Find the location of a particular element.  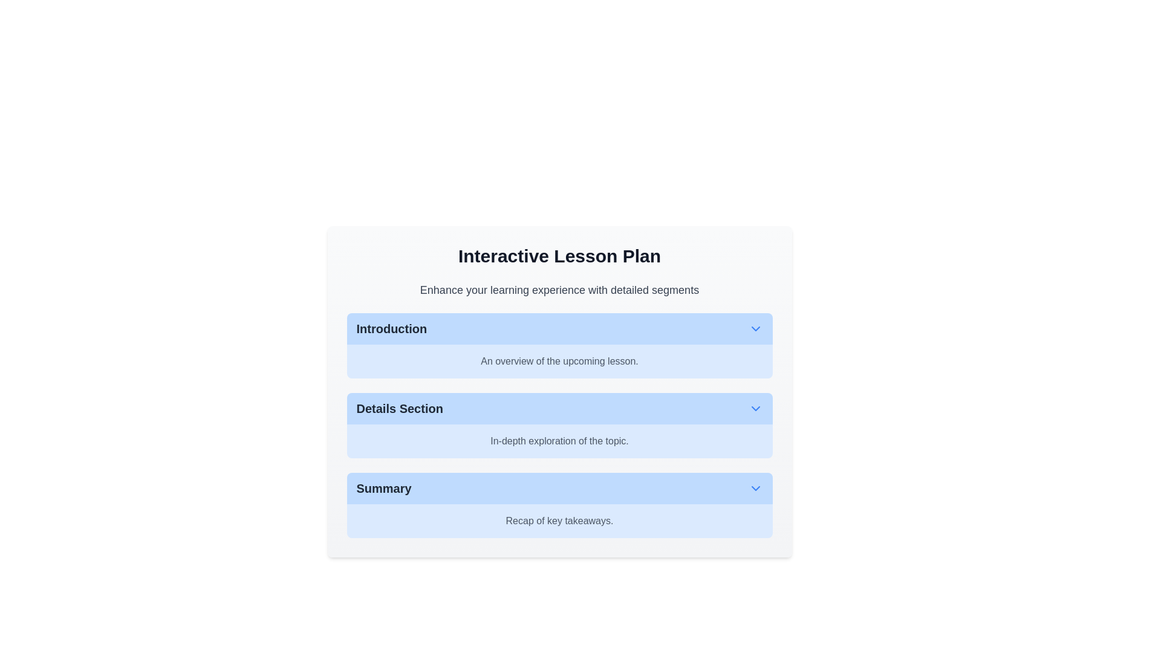

the descriptive text element that reads 'Enhance your learning experience with detailed segments', which is styled with a light gray font color and is located beneath the heading 'Interactive Lesson Plan' is located at coordinates (559, 290).